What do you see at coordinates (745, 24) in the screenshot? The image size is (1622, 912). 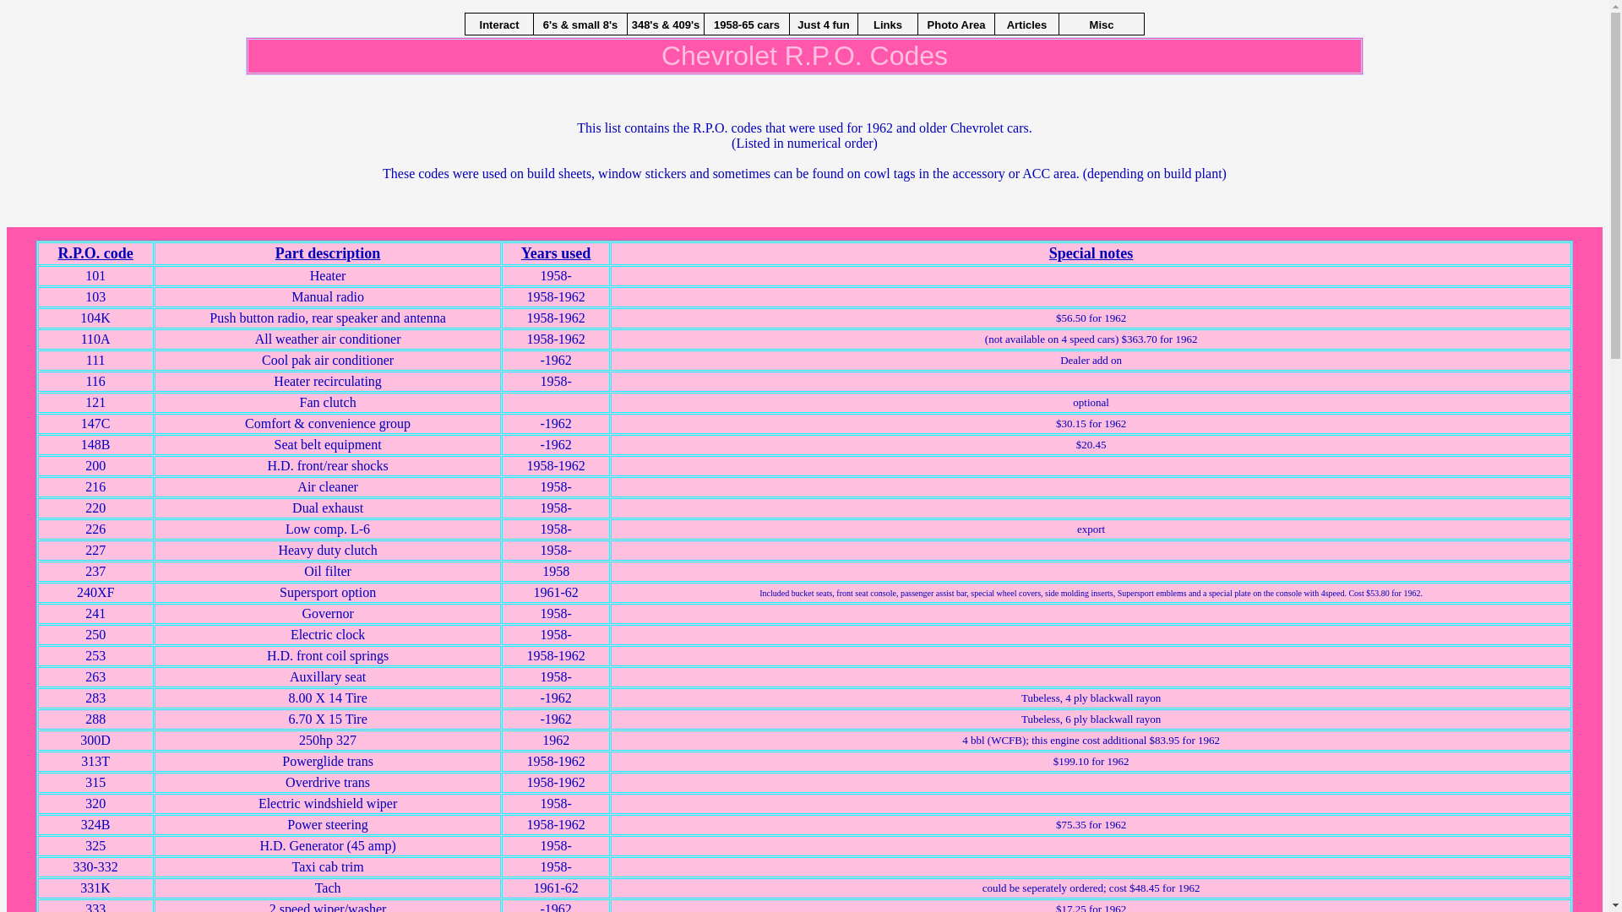 I see `'1958-65 cars'` at bounding box center [745, 24].